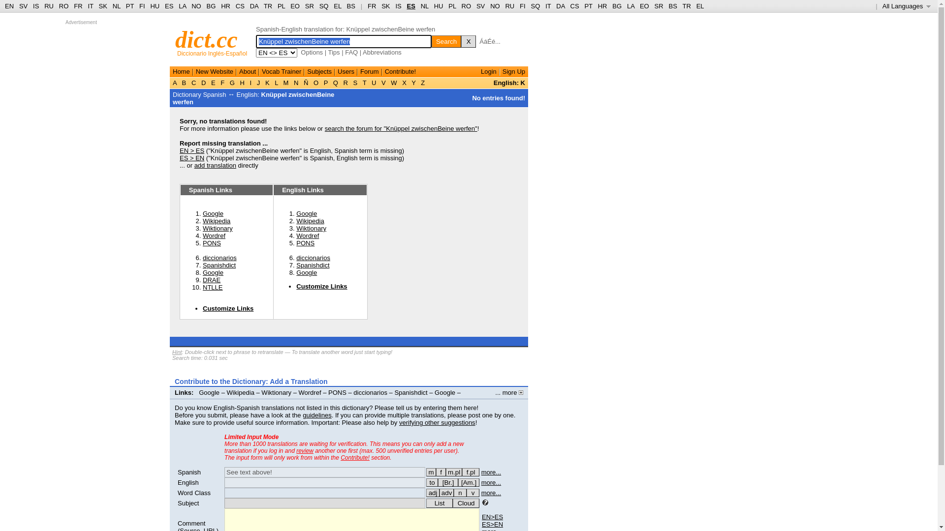  What do you see at coordinates (291, 82) in the screenshot?
I see `'N'` at bounding box center [291, 82].